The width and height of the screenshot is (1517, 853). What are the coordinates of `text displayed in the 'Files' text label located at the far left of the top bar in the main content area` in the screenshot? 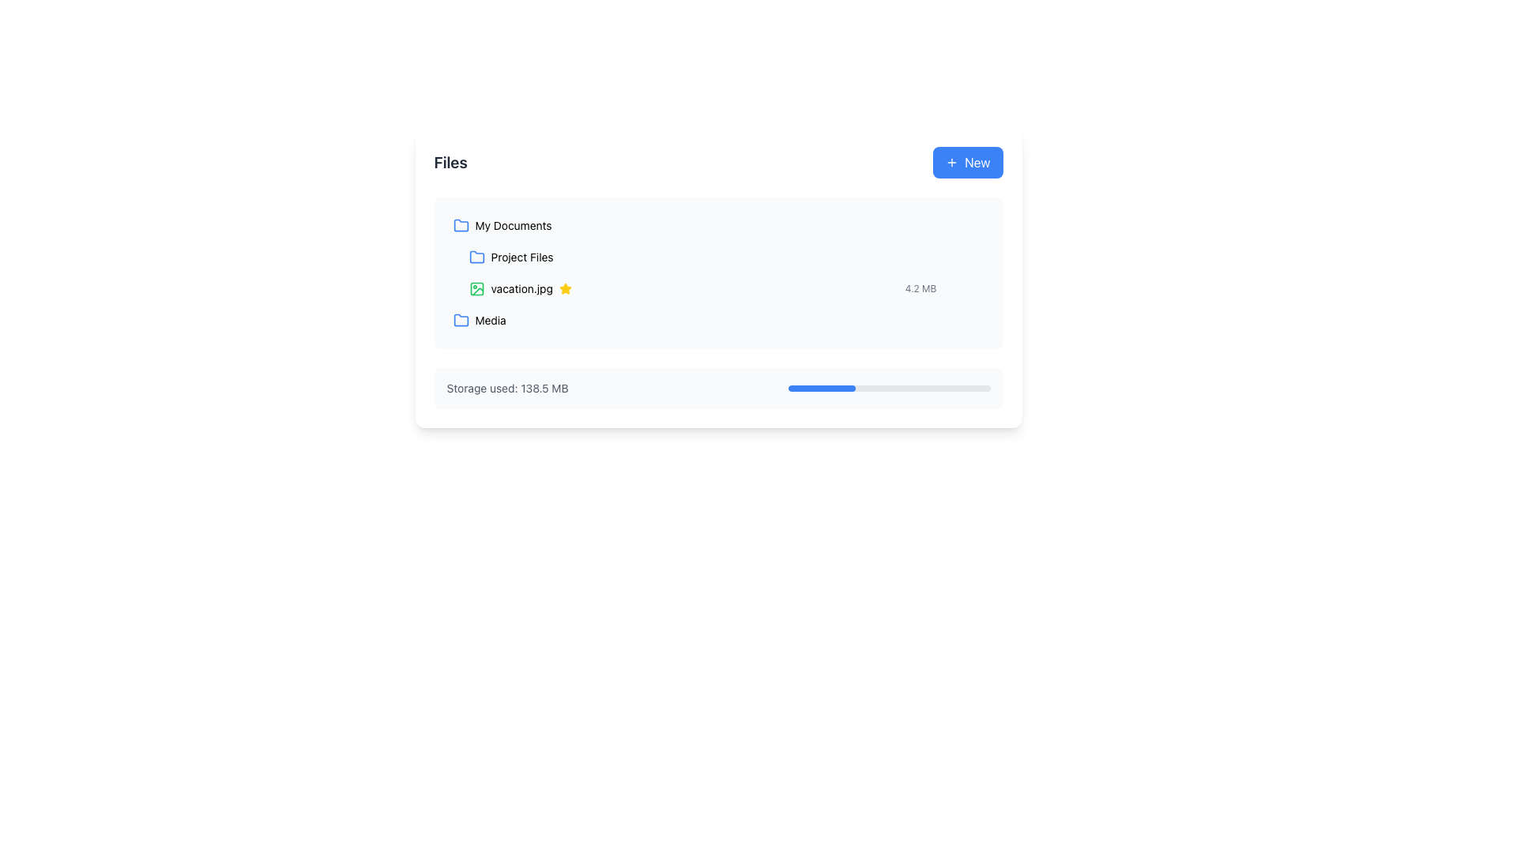 It's located at (450, 162).